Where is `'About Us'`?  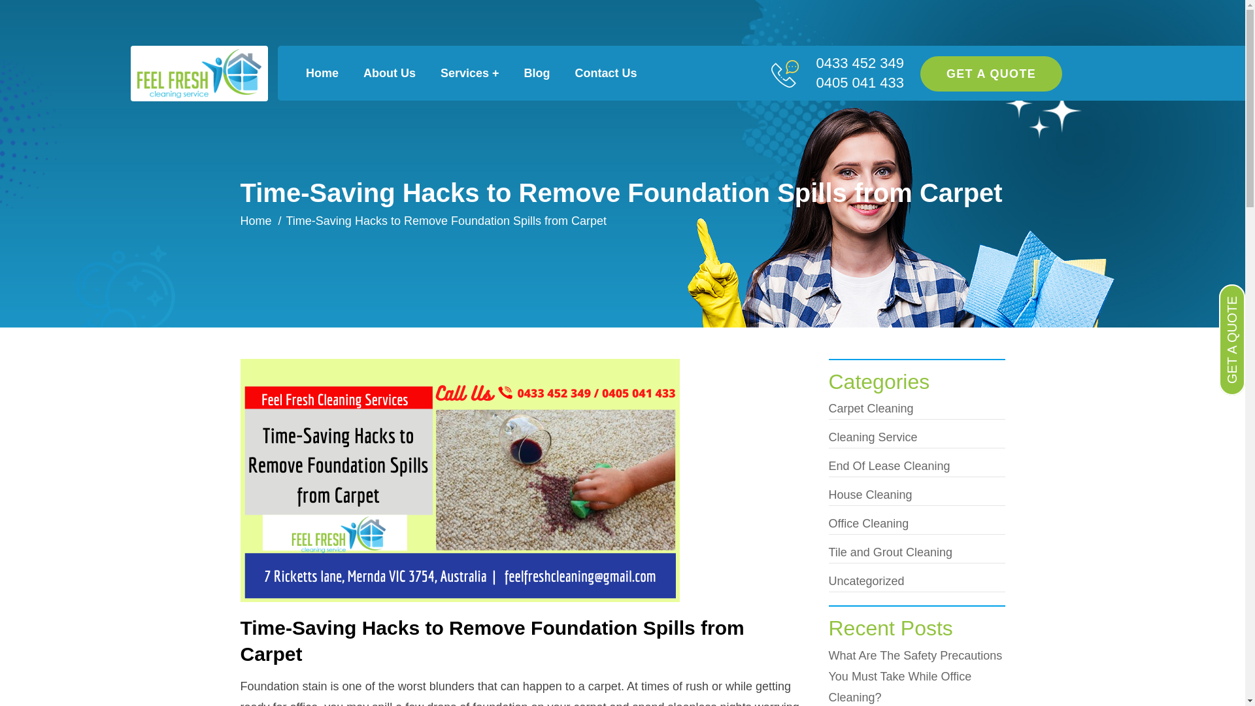
'About Us' is located at coordinates (394, 73).